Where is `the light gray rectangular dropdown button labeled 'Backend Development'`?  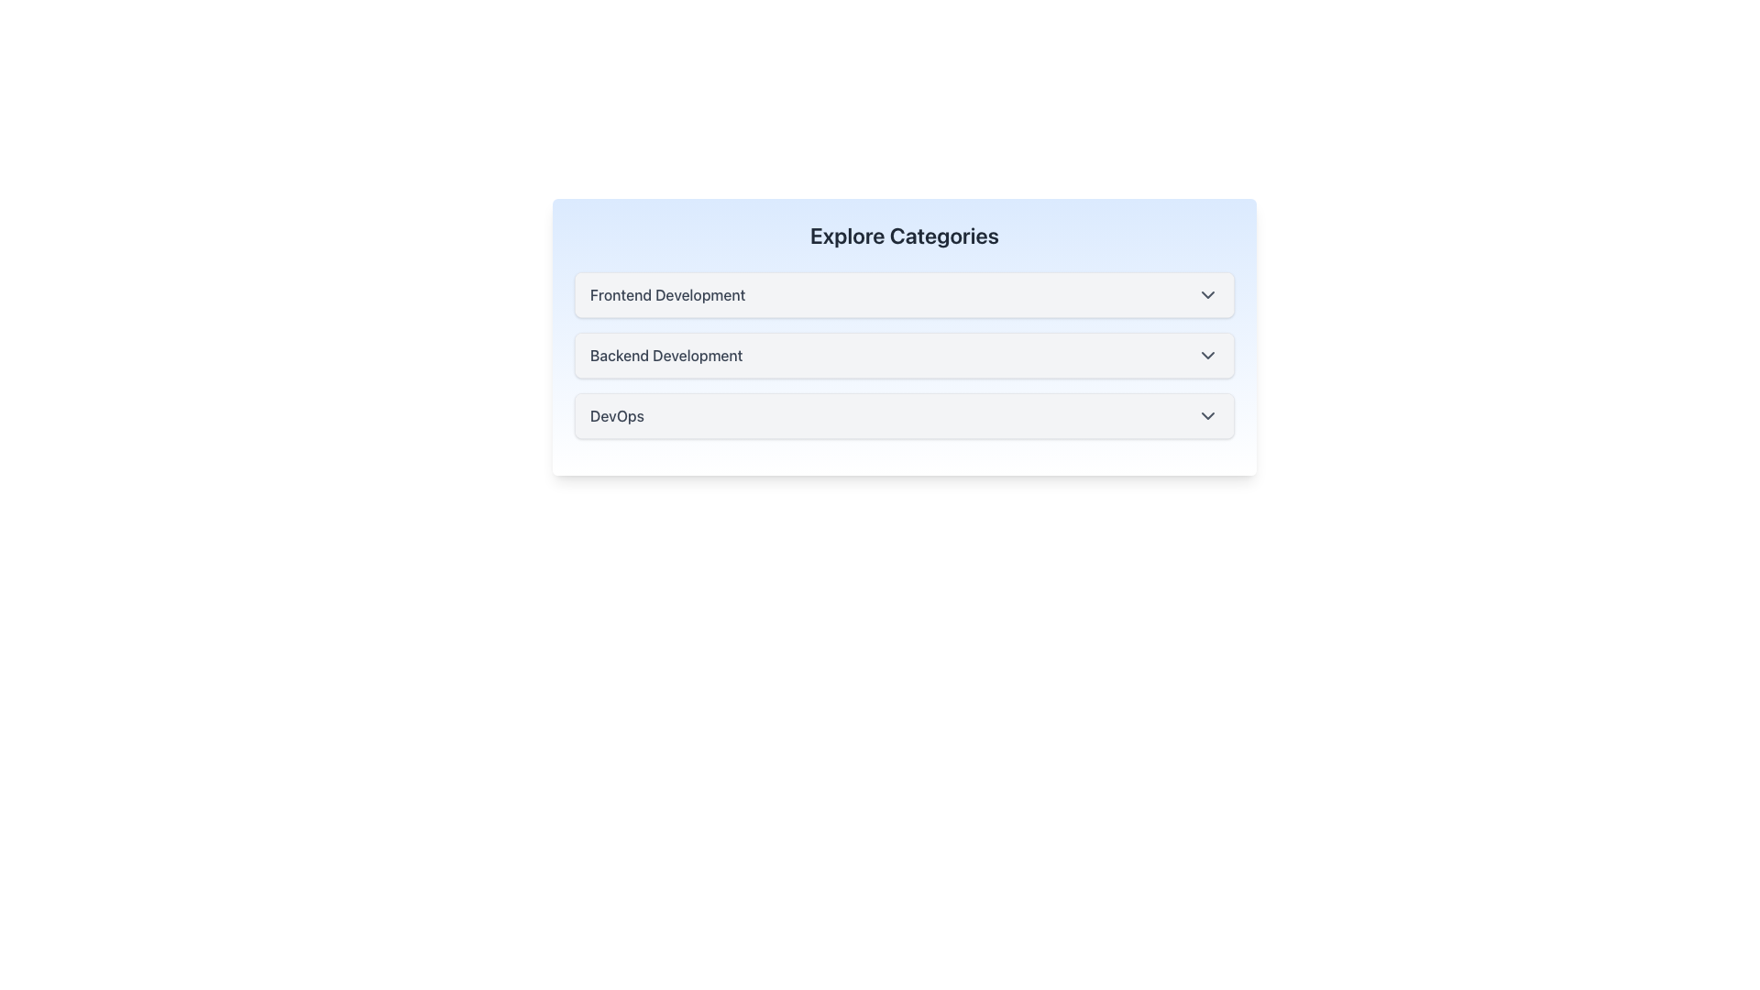 the light gray rectangular dropdown button labeled 'Backend Development' is located at coordinates (905, 336).